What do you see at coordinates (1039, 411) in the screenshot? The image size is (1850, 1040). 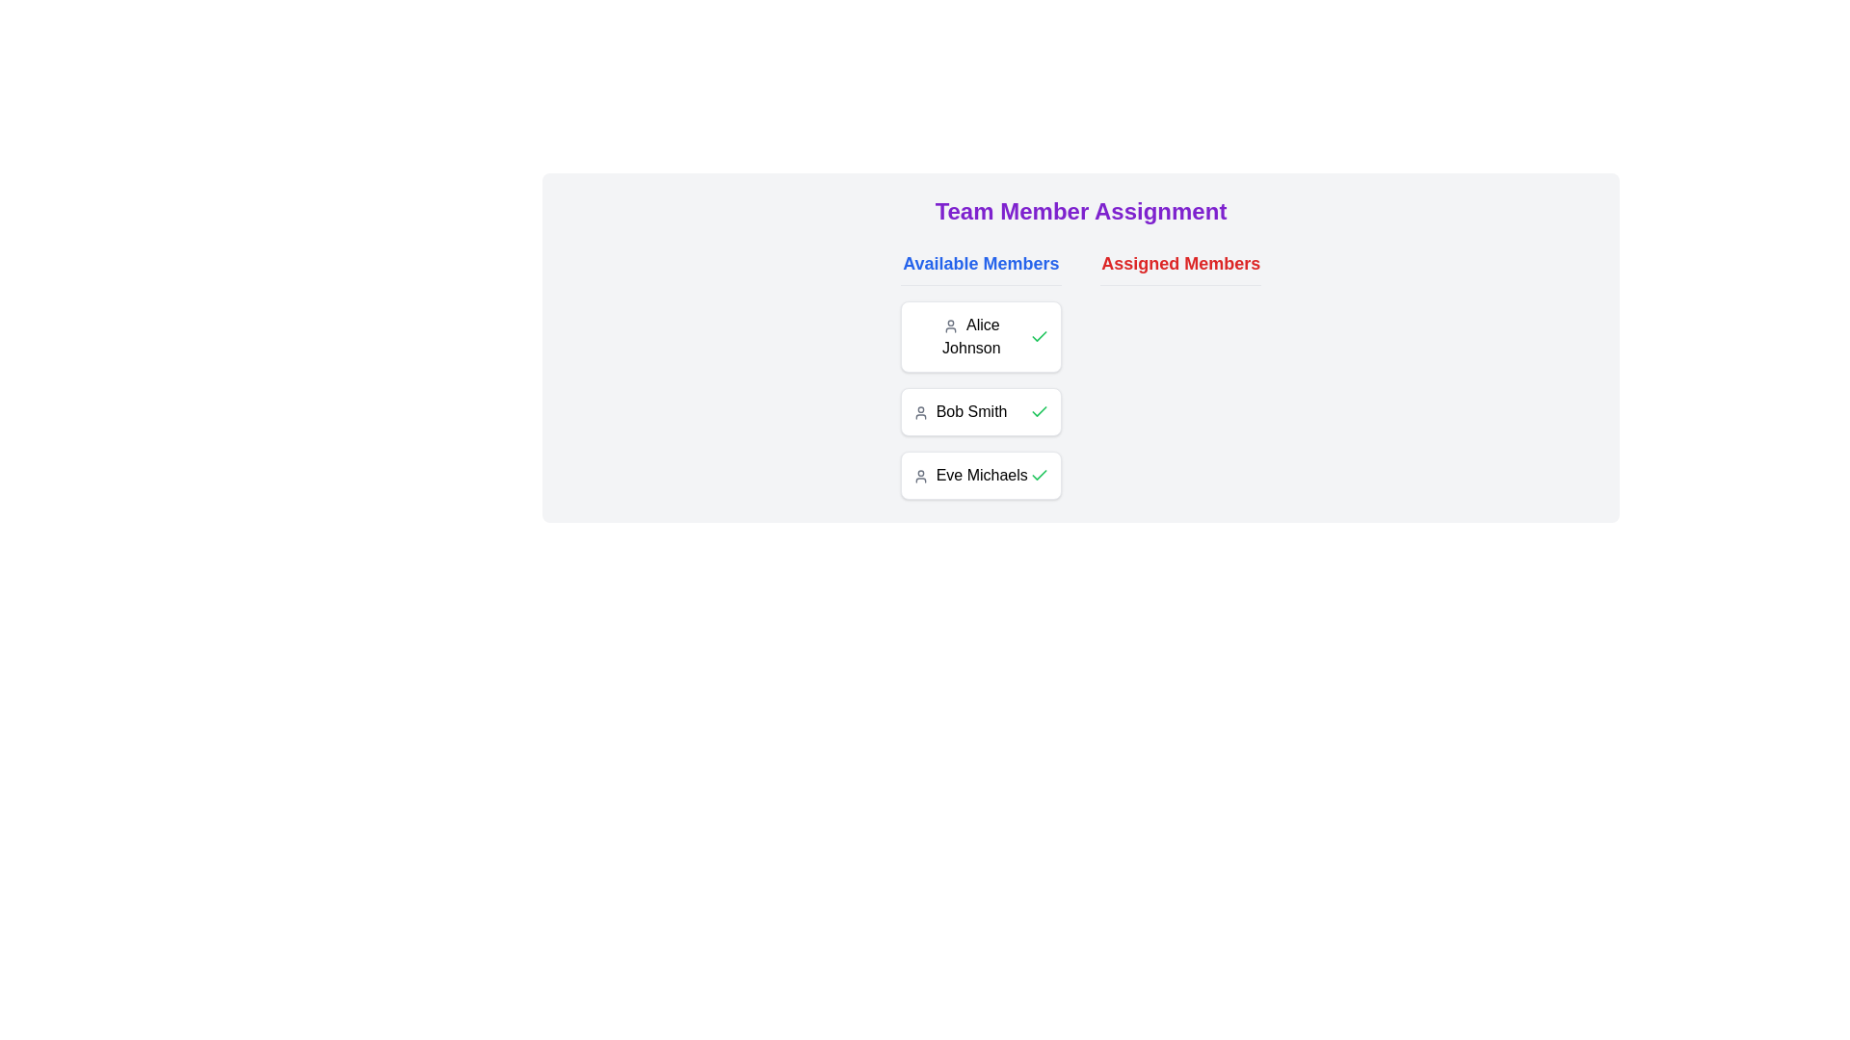 I see `the green checkmark icon next to 'Bob Smith'` at bounding box center [1039, 411].